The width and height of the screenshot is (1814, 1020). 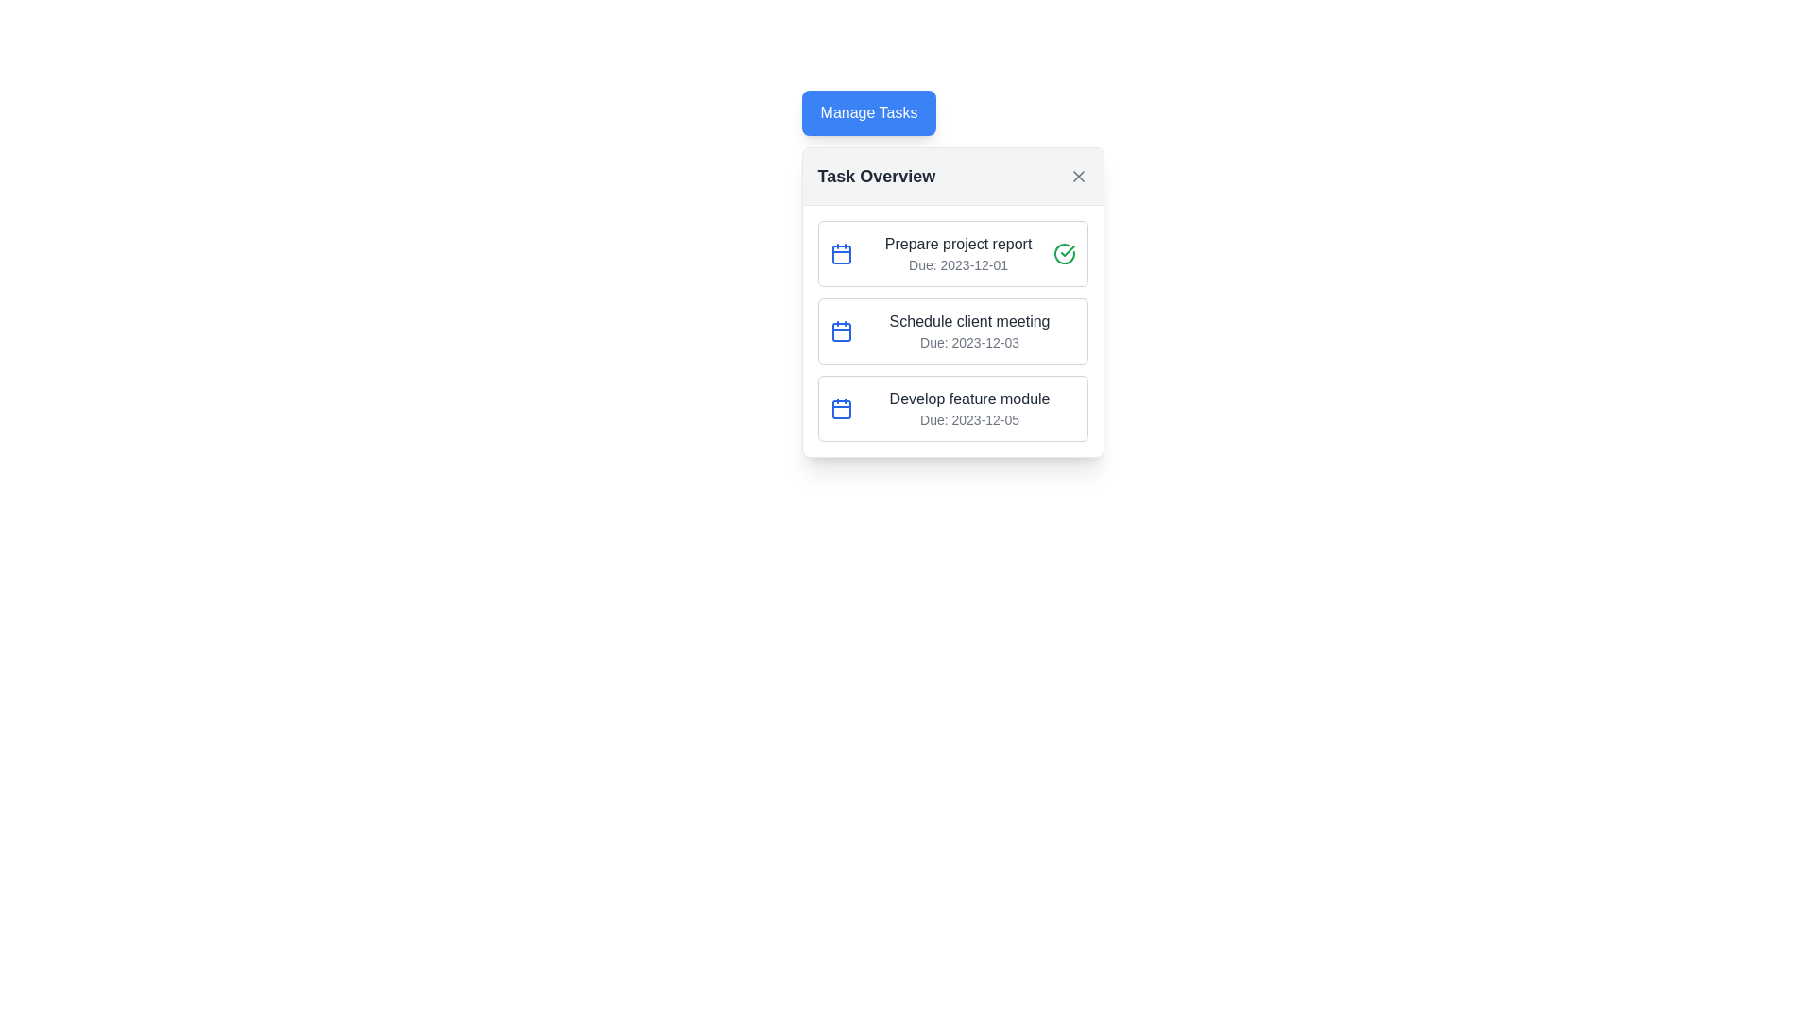 I want to click on the close button located in the top-right corner of the 'Task Overview' section for keyboard interaction, so click(x=1078, y=176).